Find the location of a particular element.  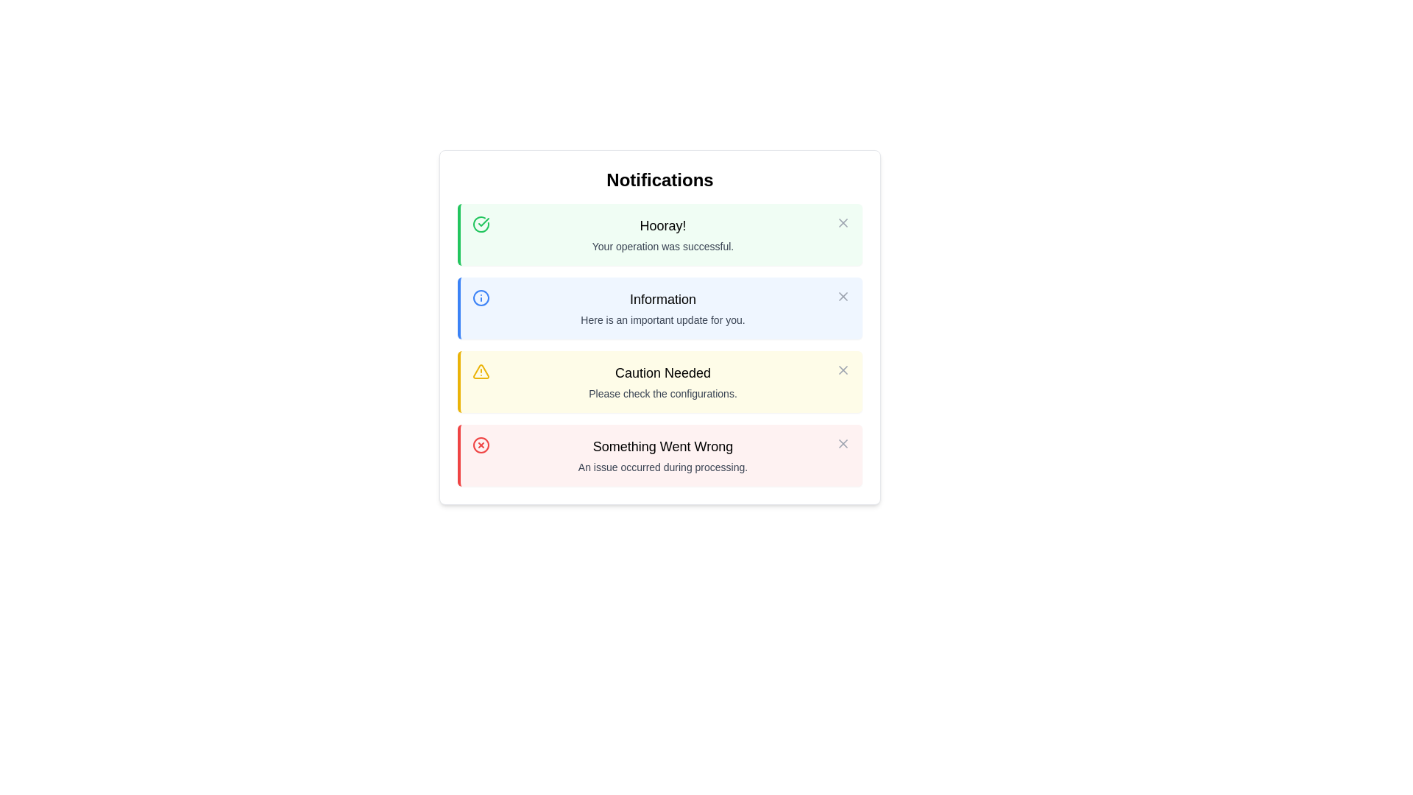

the error icon located on the right side of the red notification panel titled 'Something Went Wrong', positioned near the top-right corner is located at coordinates (481, 445).